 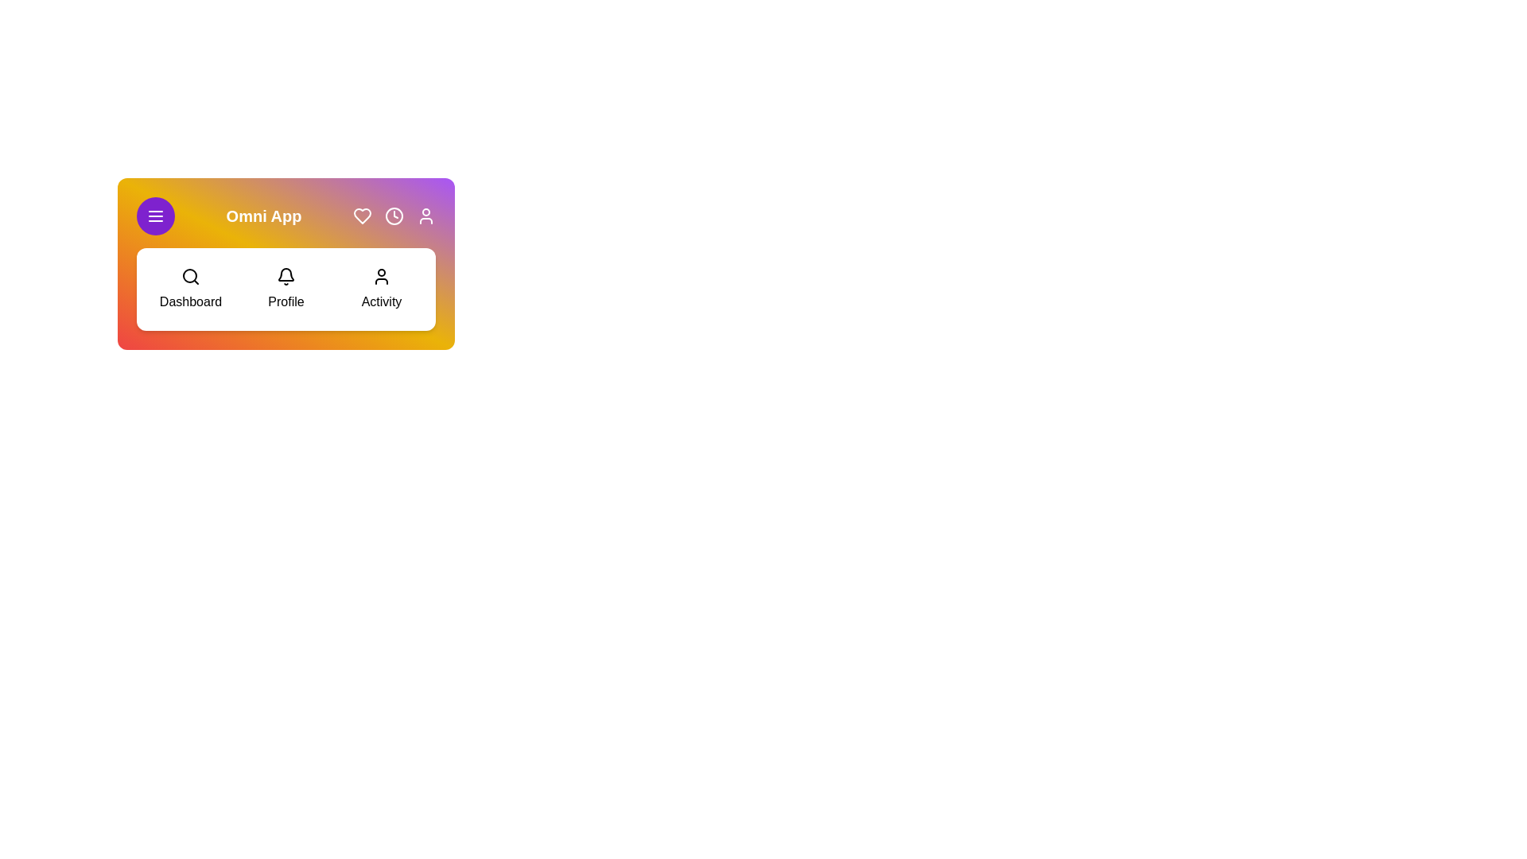 What do you see at coordinates (191, 289) in the screenshot?
I see `the 'Dashboard' option in the menu` at bounding box center [191, 289].